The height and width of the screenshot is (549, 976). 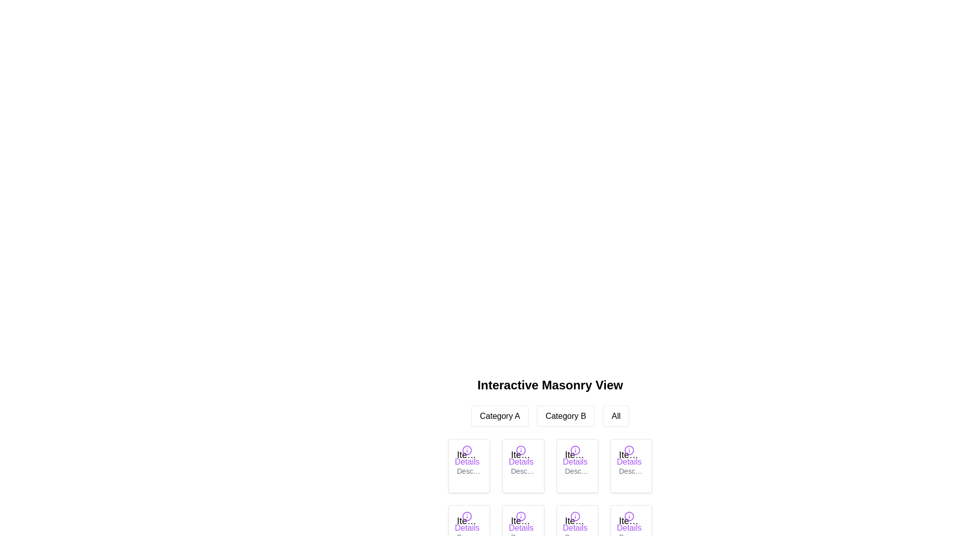 What do you see at coordinates (521, 516) in the screenshot?
I see `the icon located in the lower right position of the 'Details' section` at bounding box center [521, 516].